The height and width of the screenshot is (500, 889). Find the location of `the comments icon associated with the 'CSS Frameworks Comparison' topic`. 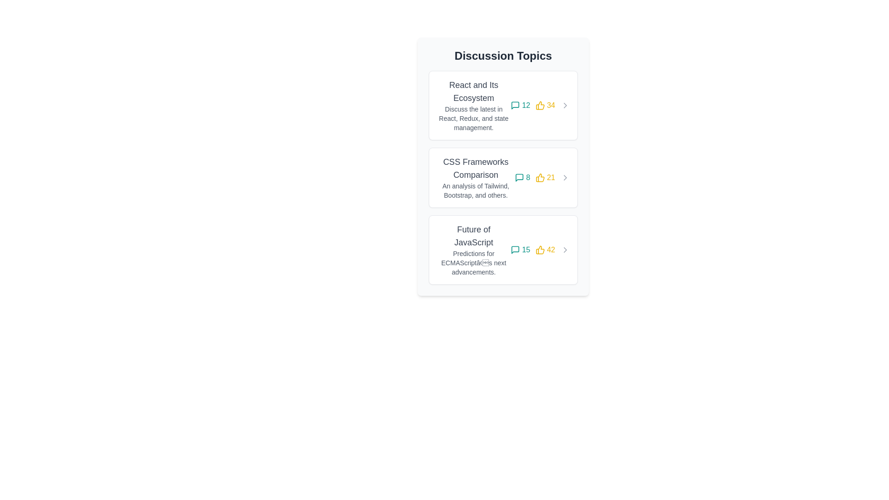

the comments icon associated with the 'CSS Frameworks Comparison' topic is located at coordinates (520, 178).